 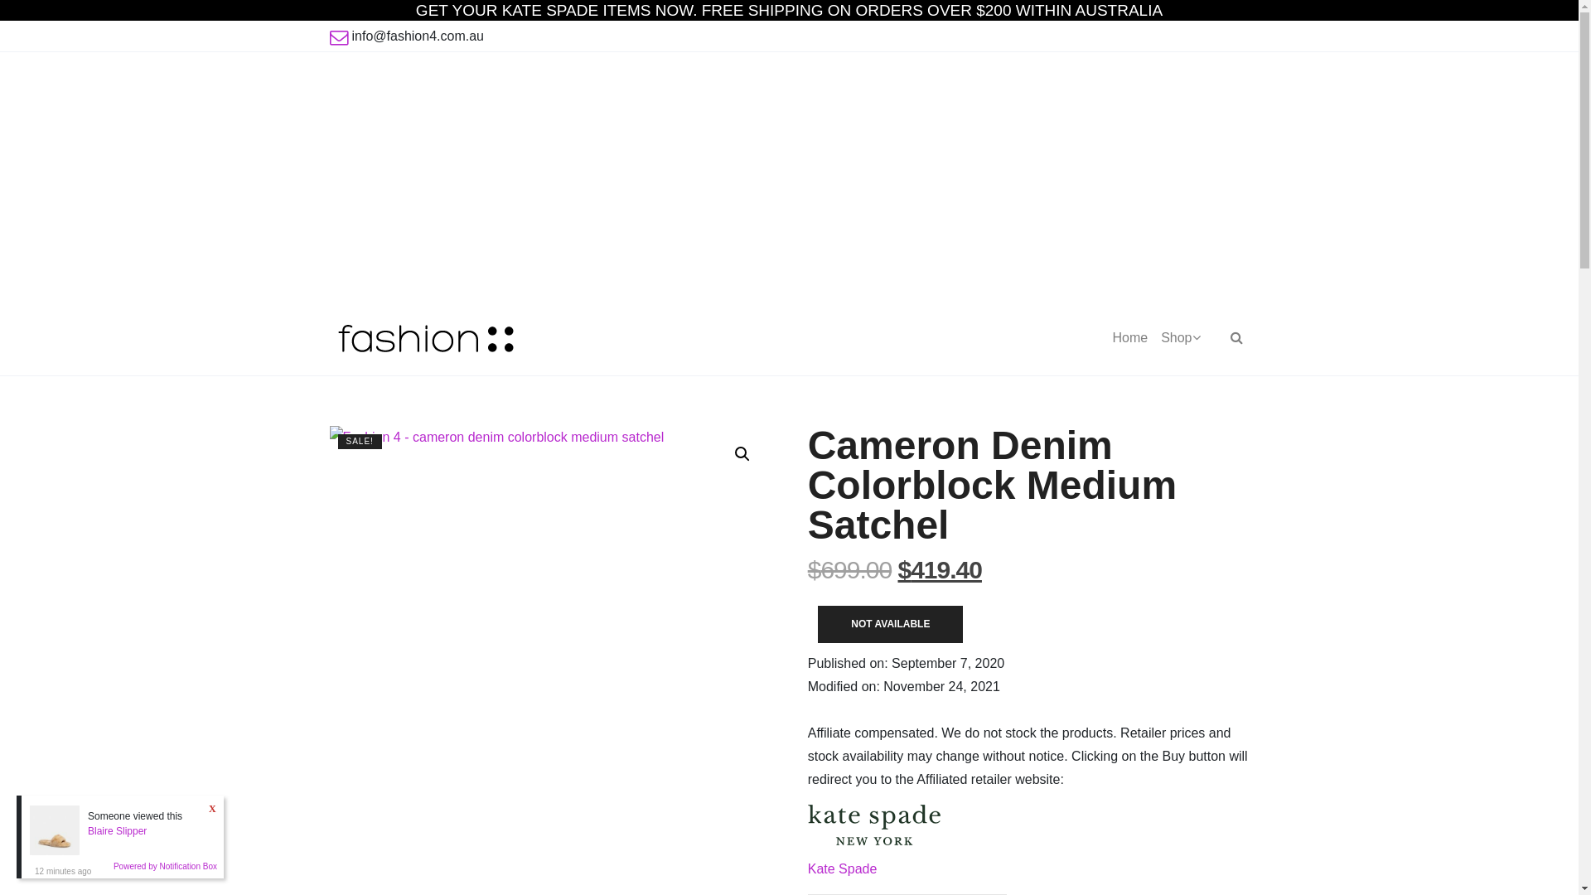 I want to click on 'Fashion 4 - cameron denim colorblock medium satchel', so click(x=550, y=646).